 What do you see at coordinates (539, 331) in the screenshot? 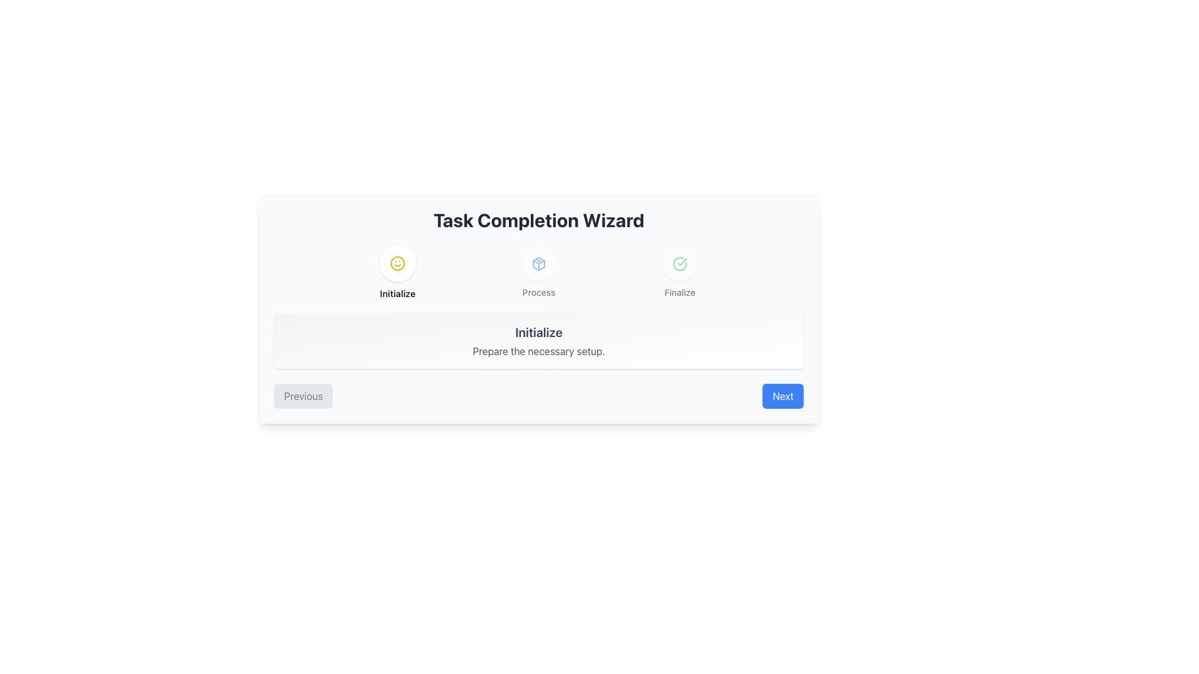
I see `the bold header text labeled 'Initialize' that is styled in dark gray and positioned at the top of the card widget in the 'Task Completion Wizard' section` at bounding box center [539, 331].